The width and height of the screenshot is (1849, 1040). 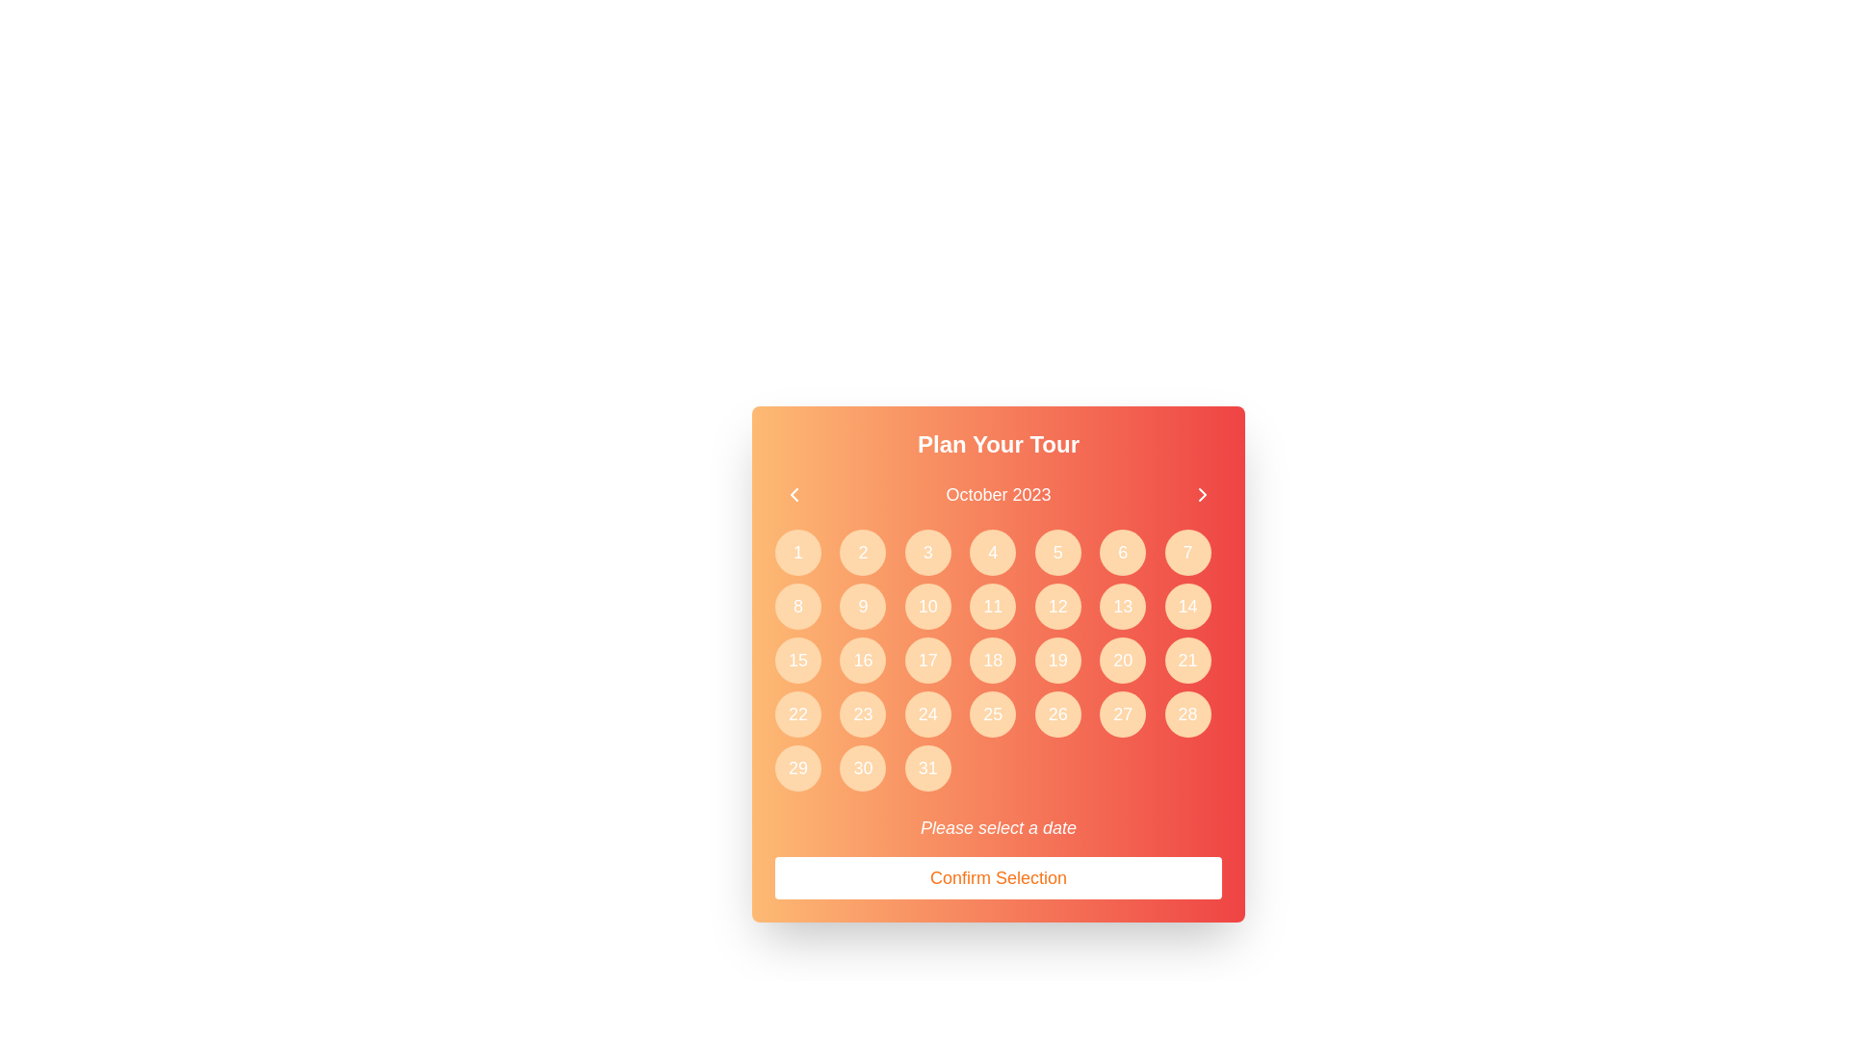 What do you see at coordinates (1123, 553) in the screenshot?
I see `the button representing the date '6' in the calendar interface` at bounding box center [1123, 553].